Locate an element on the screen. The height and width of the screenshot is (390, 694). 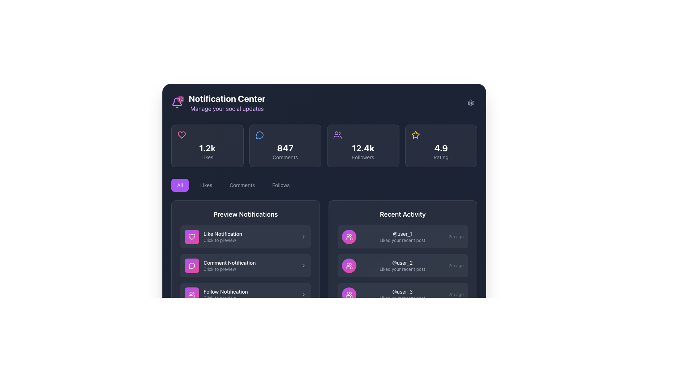
notification content displayed in the second notification entry from the top in the 'Recent Activity' section on the right-hand side of the interface is located at coordinates (402, 279).